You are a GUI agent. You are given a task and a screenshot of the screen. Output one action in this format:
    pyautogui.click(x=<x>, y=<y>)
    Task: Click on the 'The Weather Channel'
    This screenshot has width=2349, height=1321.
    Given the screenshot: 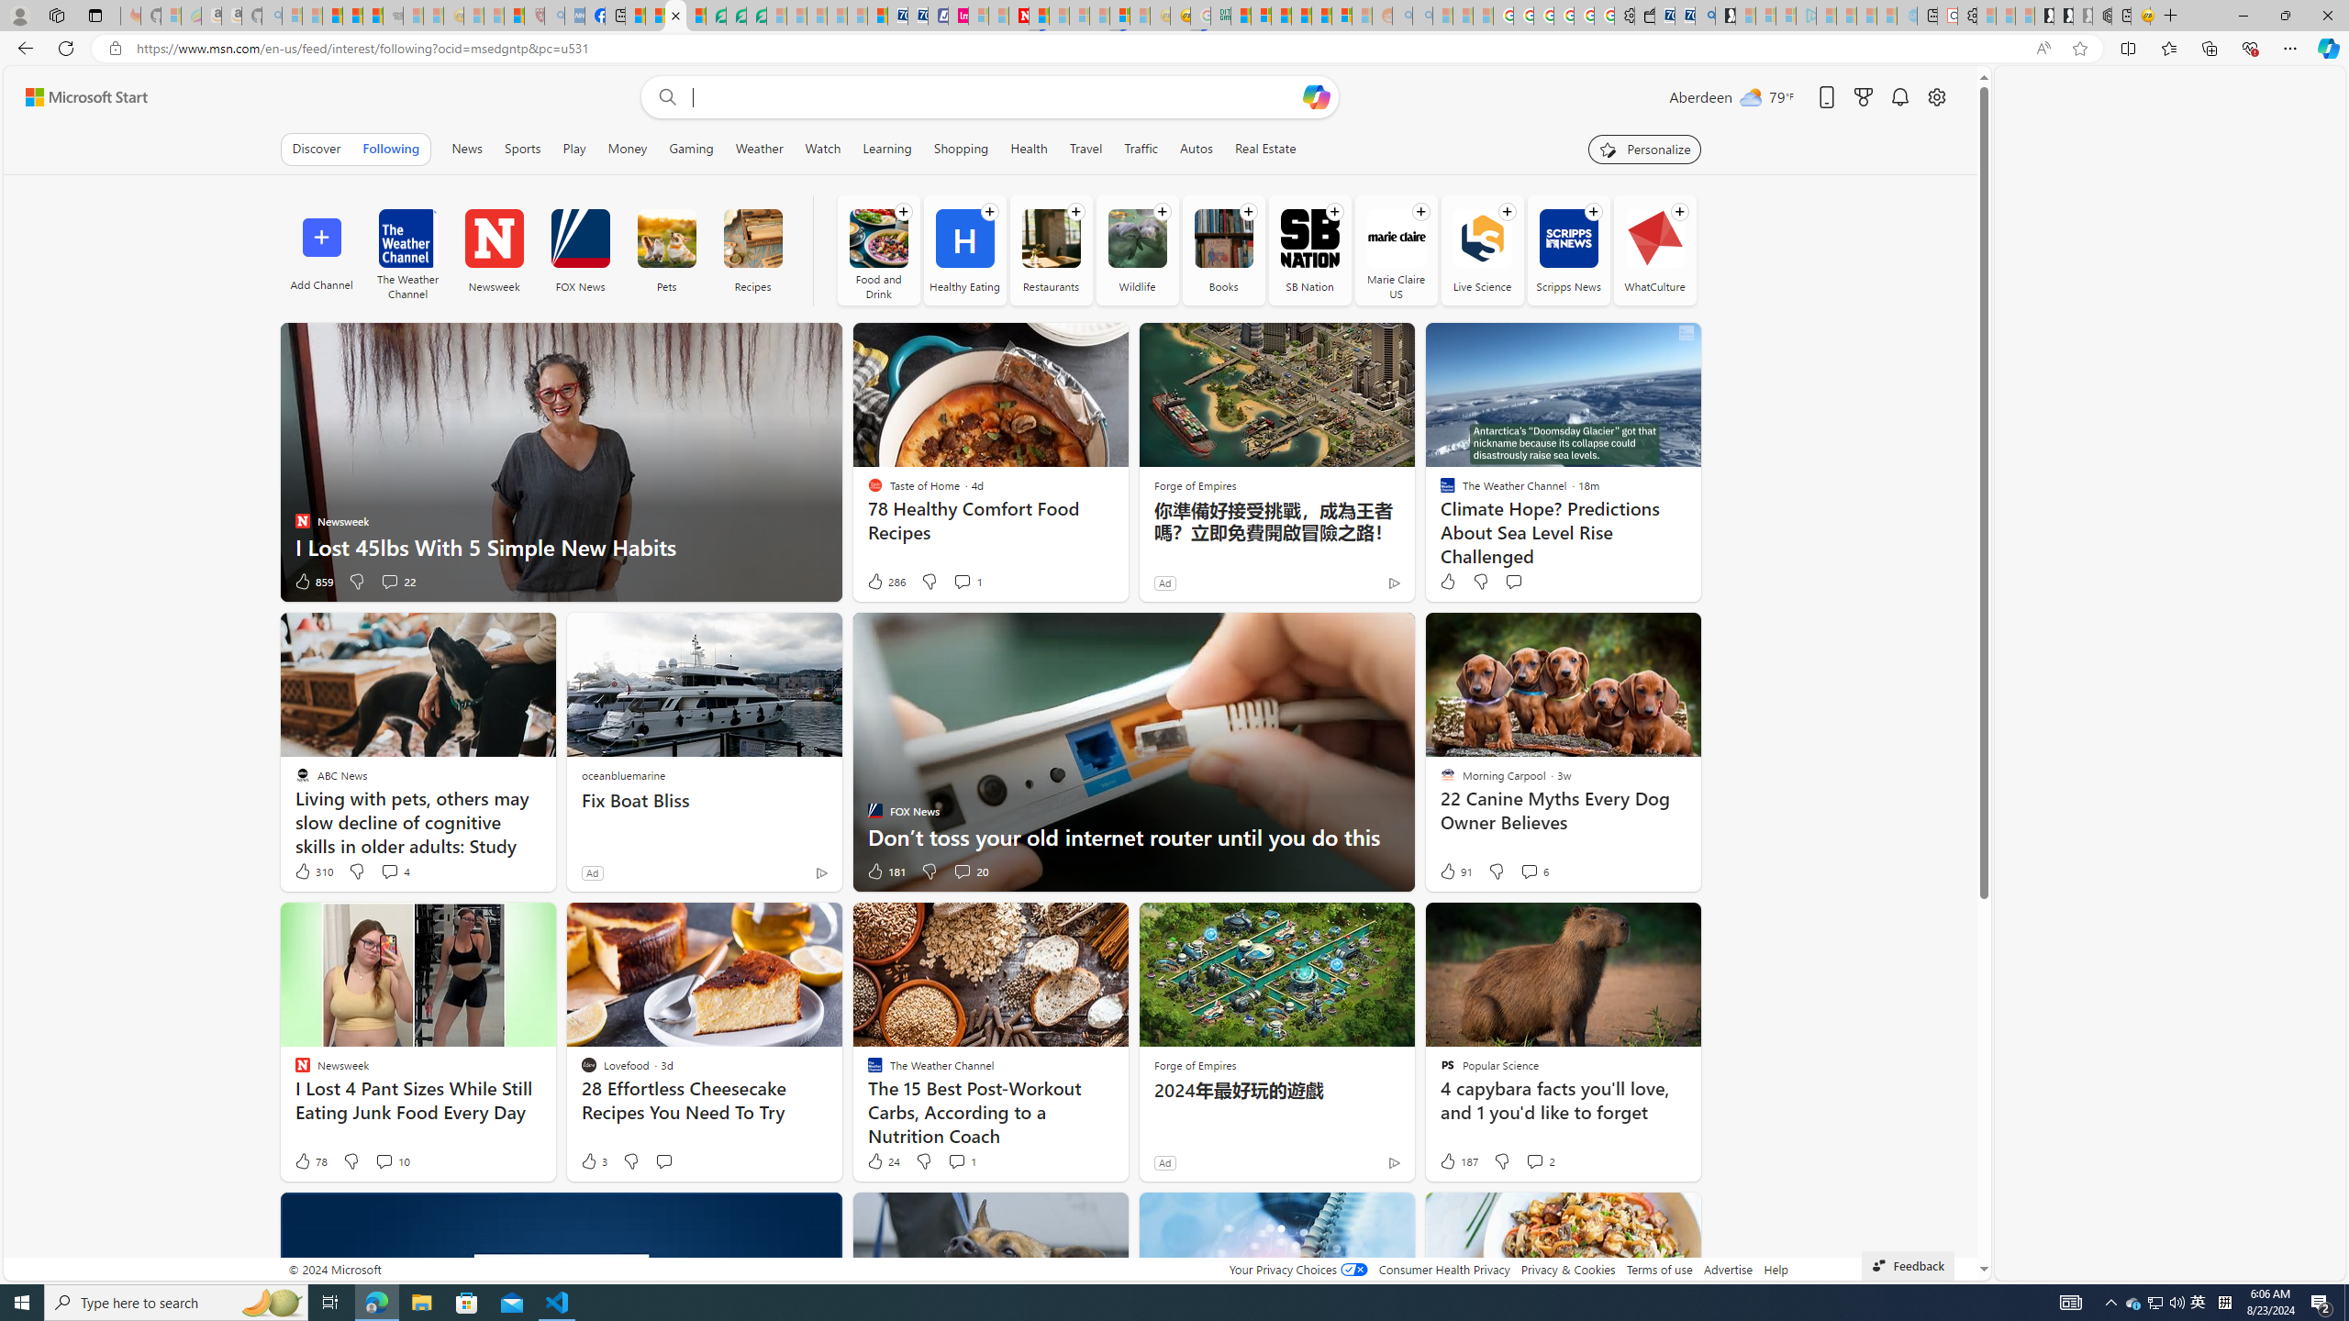 What is the action you would take?
    pyautogui.click(x=407, y=249)
    